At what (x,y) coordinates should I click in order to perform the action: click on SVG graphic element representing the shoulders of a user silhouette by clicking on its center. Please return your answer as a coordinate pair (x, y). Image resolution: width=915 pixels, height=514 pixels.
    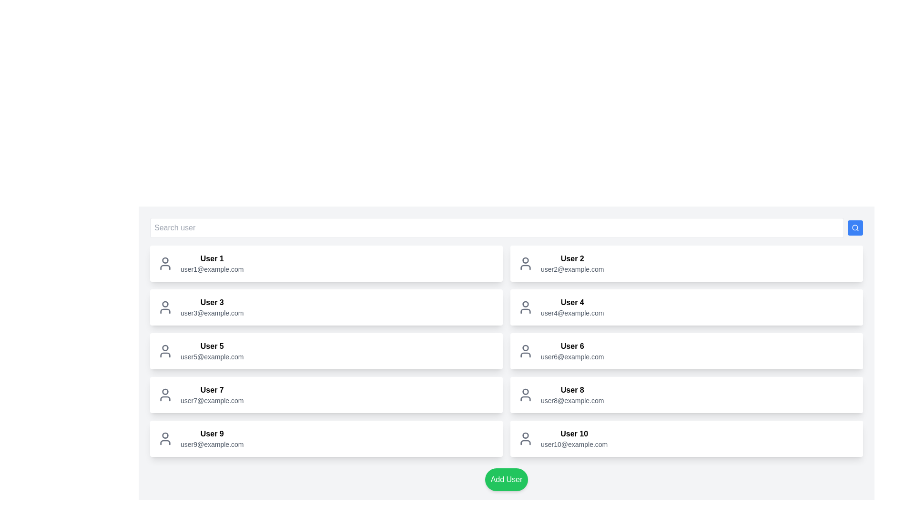
    Looking at the image, I should click on (525, 398).